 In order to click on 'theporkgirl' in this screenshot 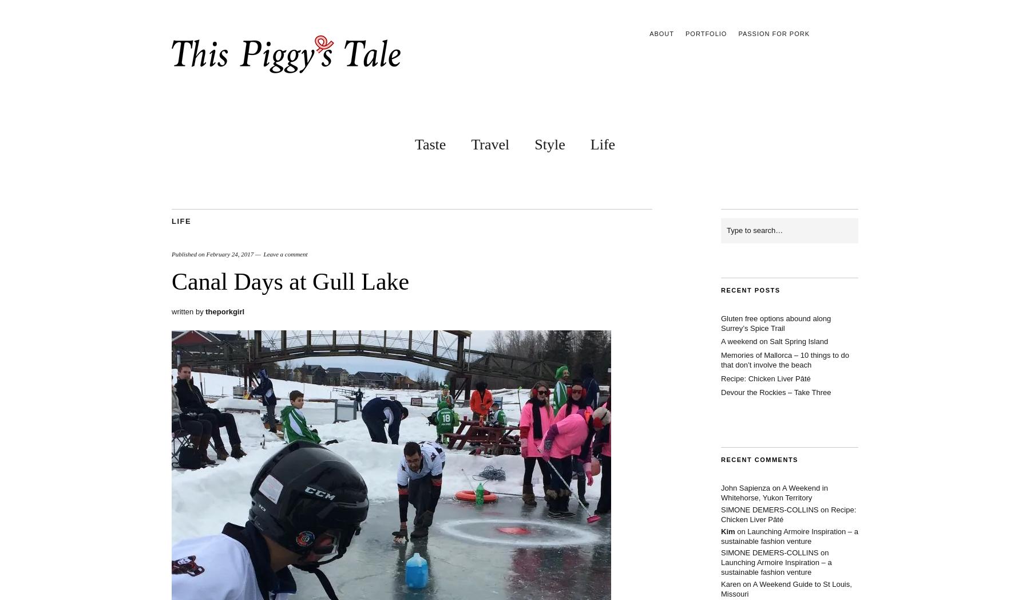, I will do `click(205, 311)`.